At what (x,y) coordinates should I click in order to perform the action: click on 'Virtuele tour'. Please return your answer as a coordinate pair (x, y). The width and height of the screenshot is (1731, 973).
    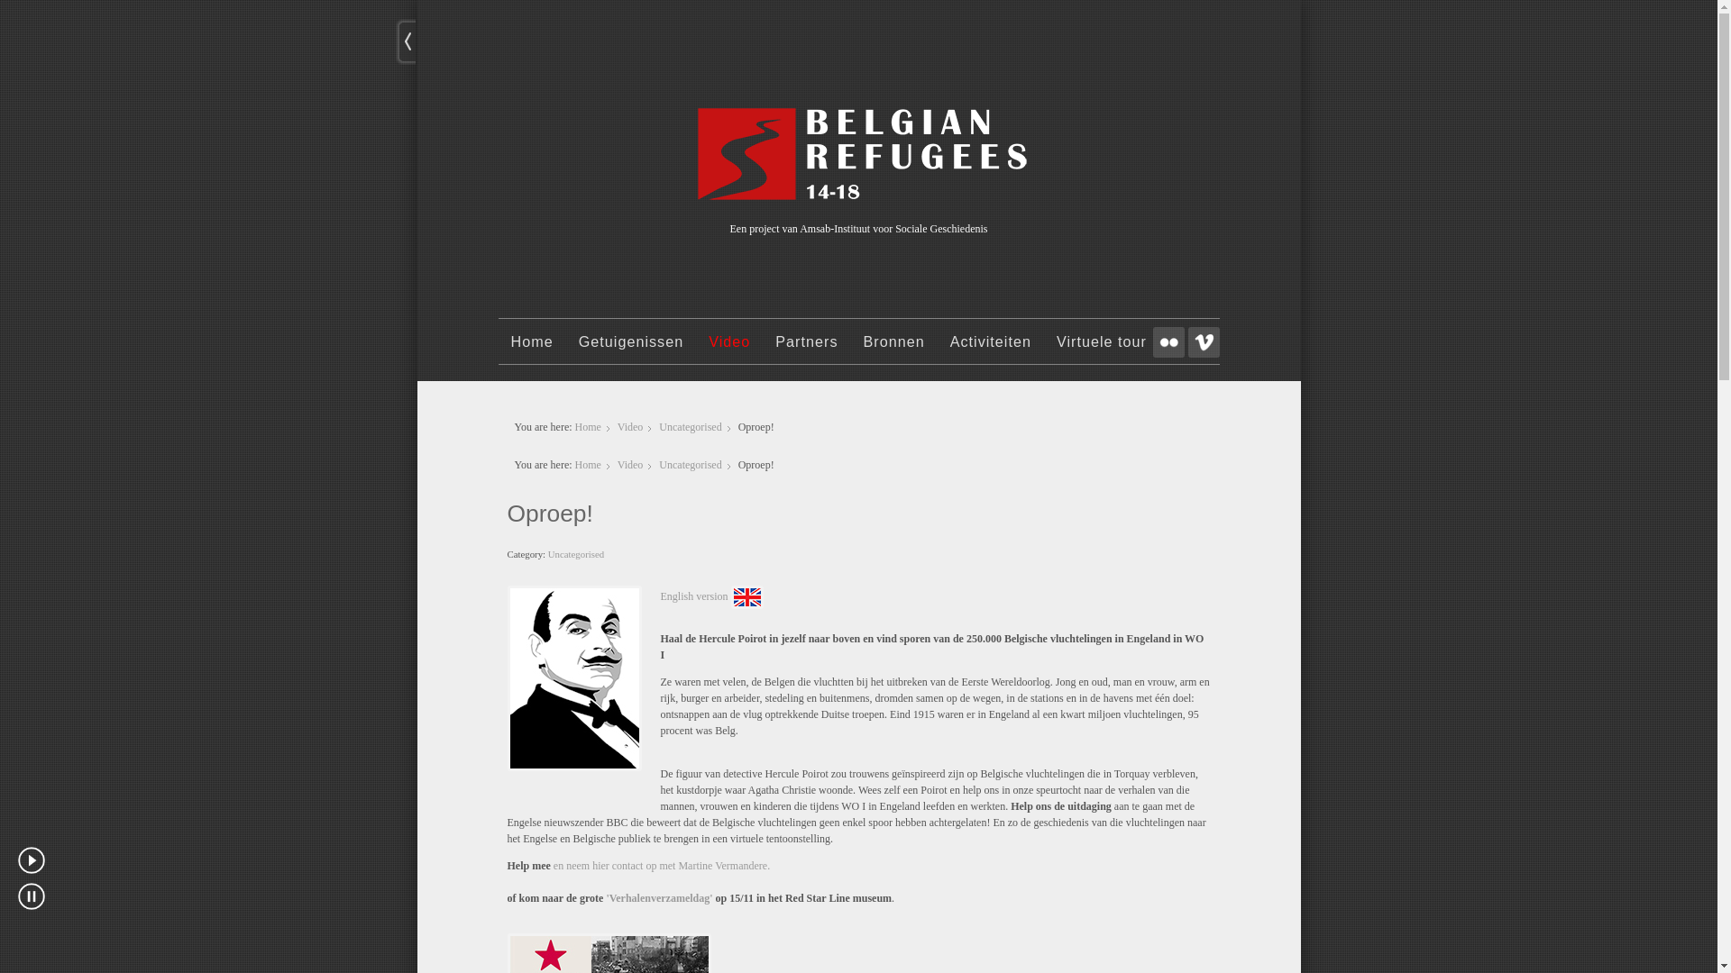
    Looking at the image, I should click on (1101, 350).